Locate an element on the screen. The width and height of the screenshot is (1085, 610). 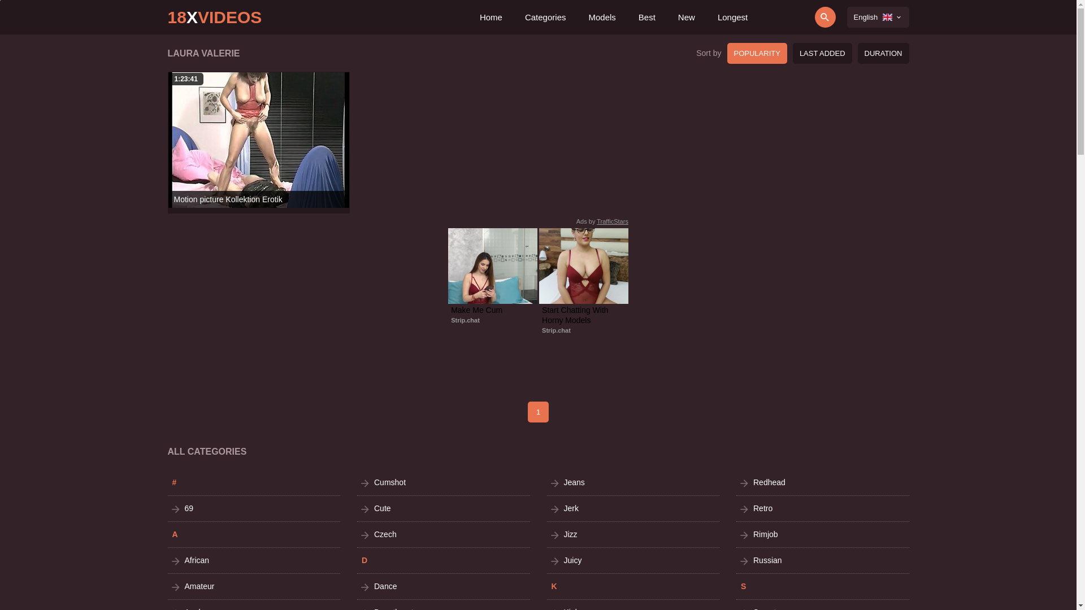
'1' is located at coordinates (537, 412).